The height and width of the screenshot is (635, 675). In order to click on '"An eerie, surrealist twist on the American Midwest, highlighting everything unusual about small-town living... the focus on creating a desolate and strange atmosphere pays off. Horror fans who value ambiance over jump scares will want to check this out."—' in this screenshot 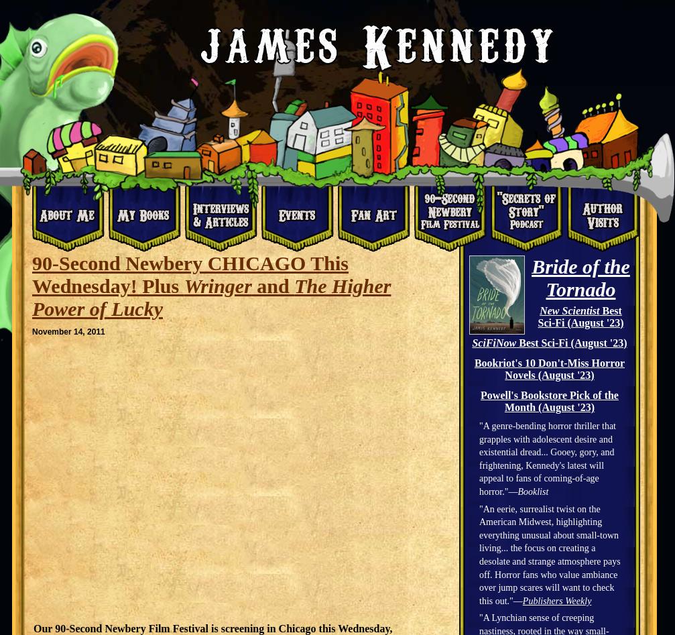, I will do `click(478, 555)`.